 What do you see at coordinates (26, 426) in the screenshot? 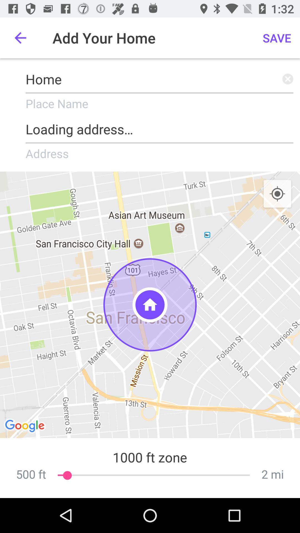
I see `the option which is beside guerrero st` at bounding box center [26, 426].